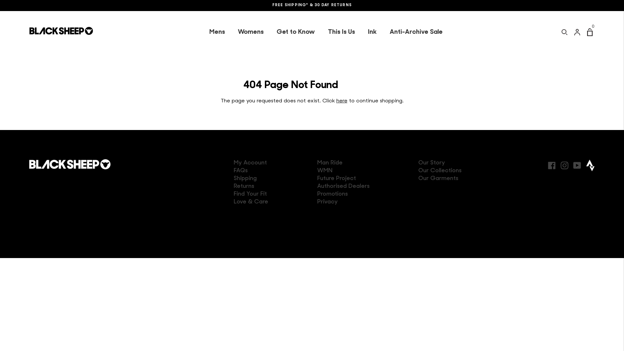 The image size is (624, 351). I want to click on 'Future Project', so click(317, 178).